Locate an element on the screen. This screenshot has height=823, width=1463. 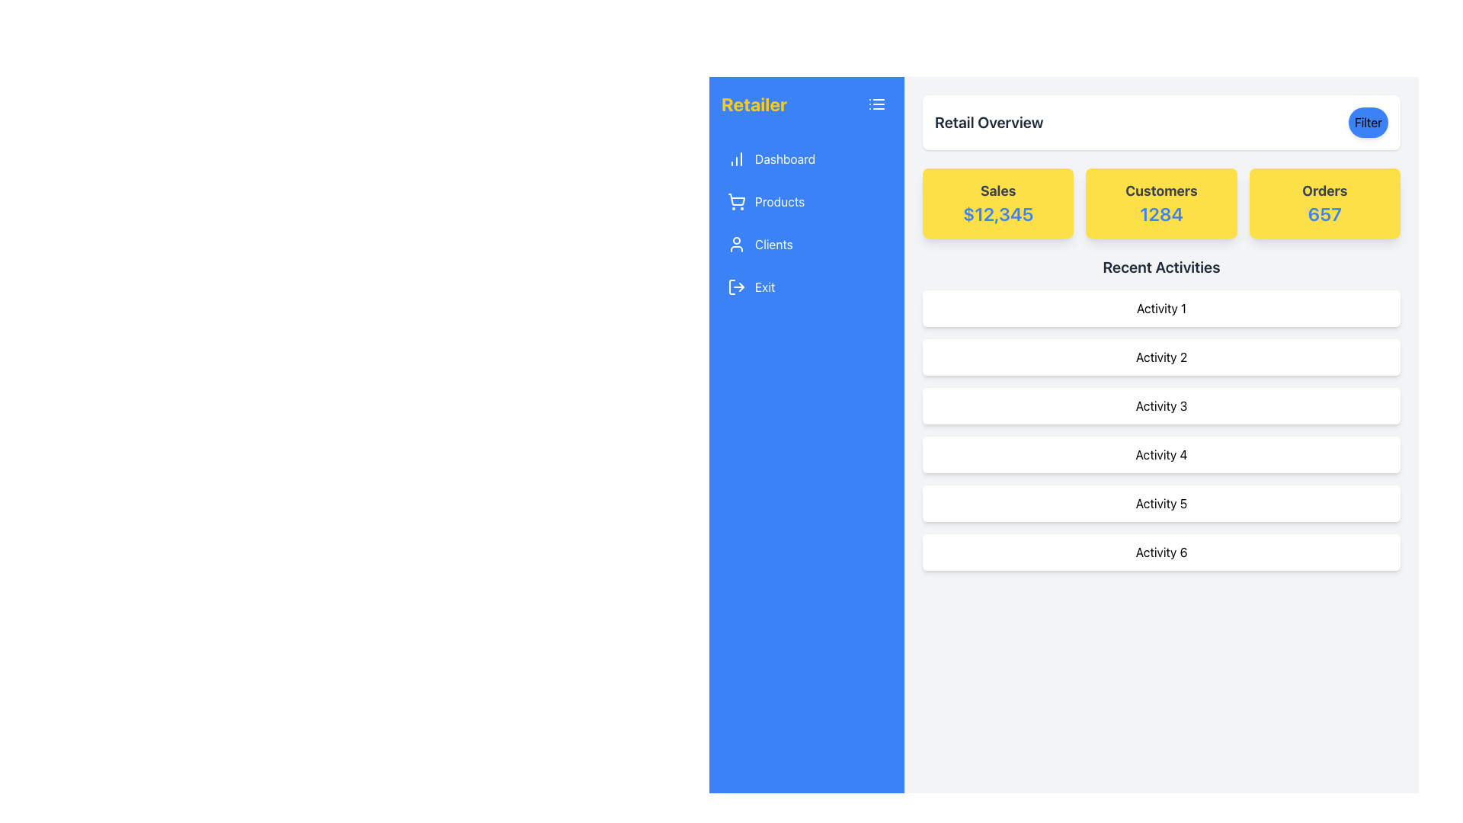
the 'Products' menu item located in the sidebar, which is the second item in the list is located at coordinates (806, 223).